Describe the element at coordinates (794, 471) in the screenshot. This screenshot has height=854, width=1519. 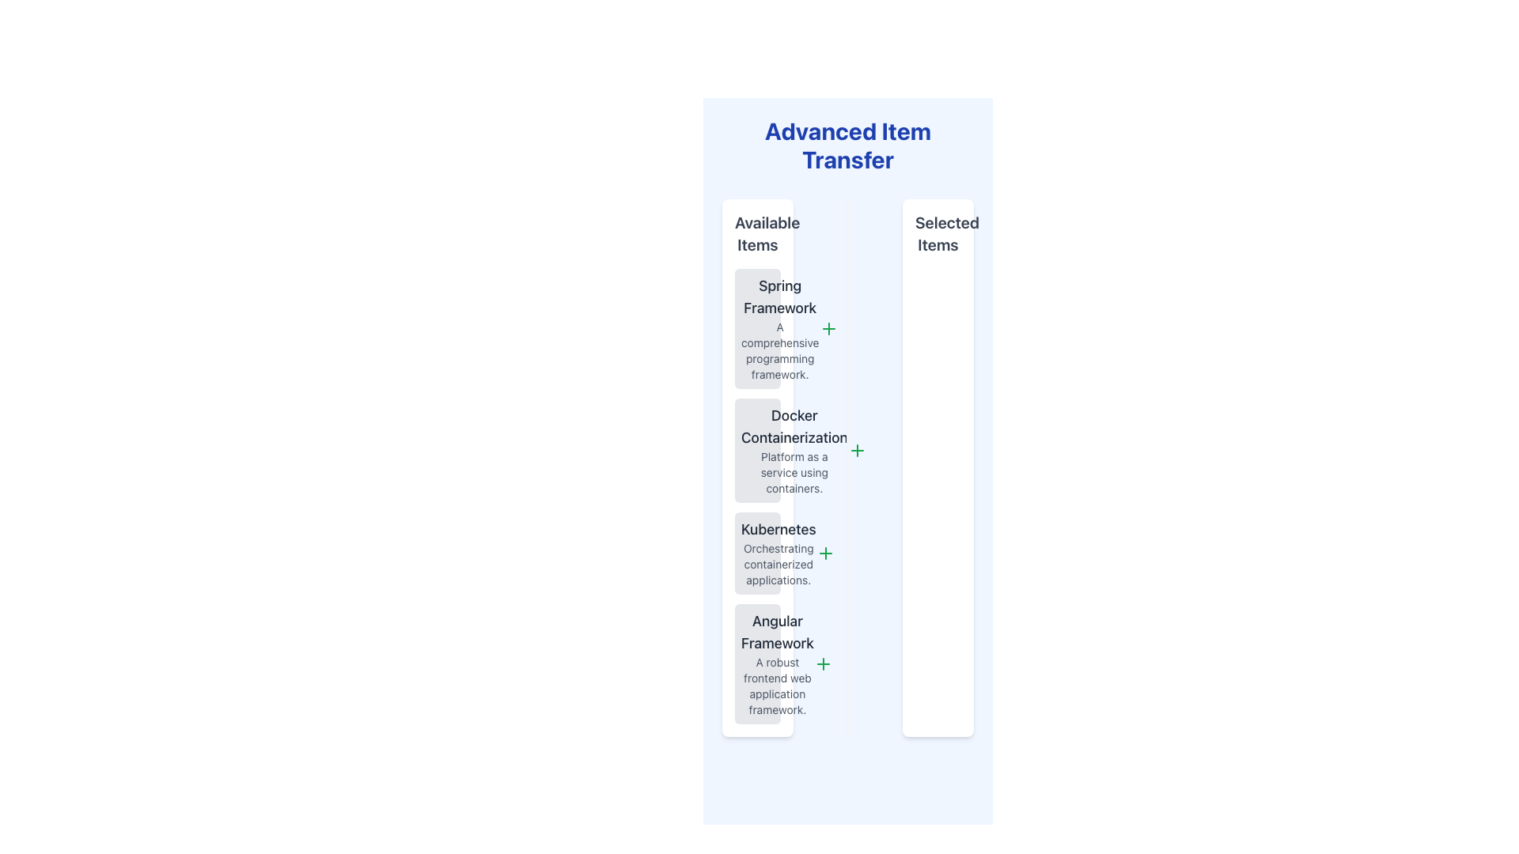
I see `the text line reading 'Platform as a service using containers.' which is styled in gray and positioned below 'Docker Containerization' within the 'Available Items' section` at that location.